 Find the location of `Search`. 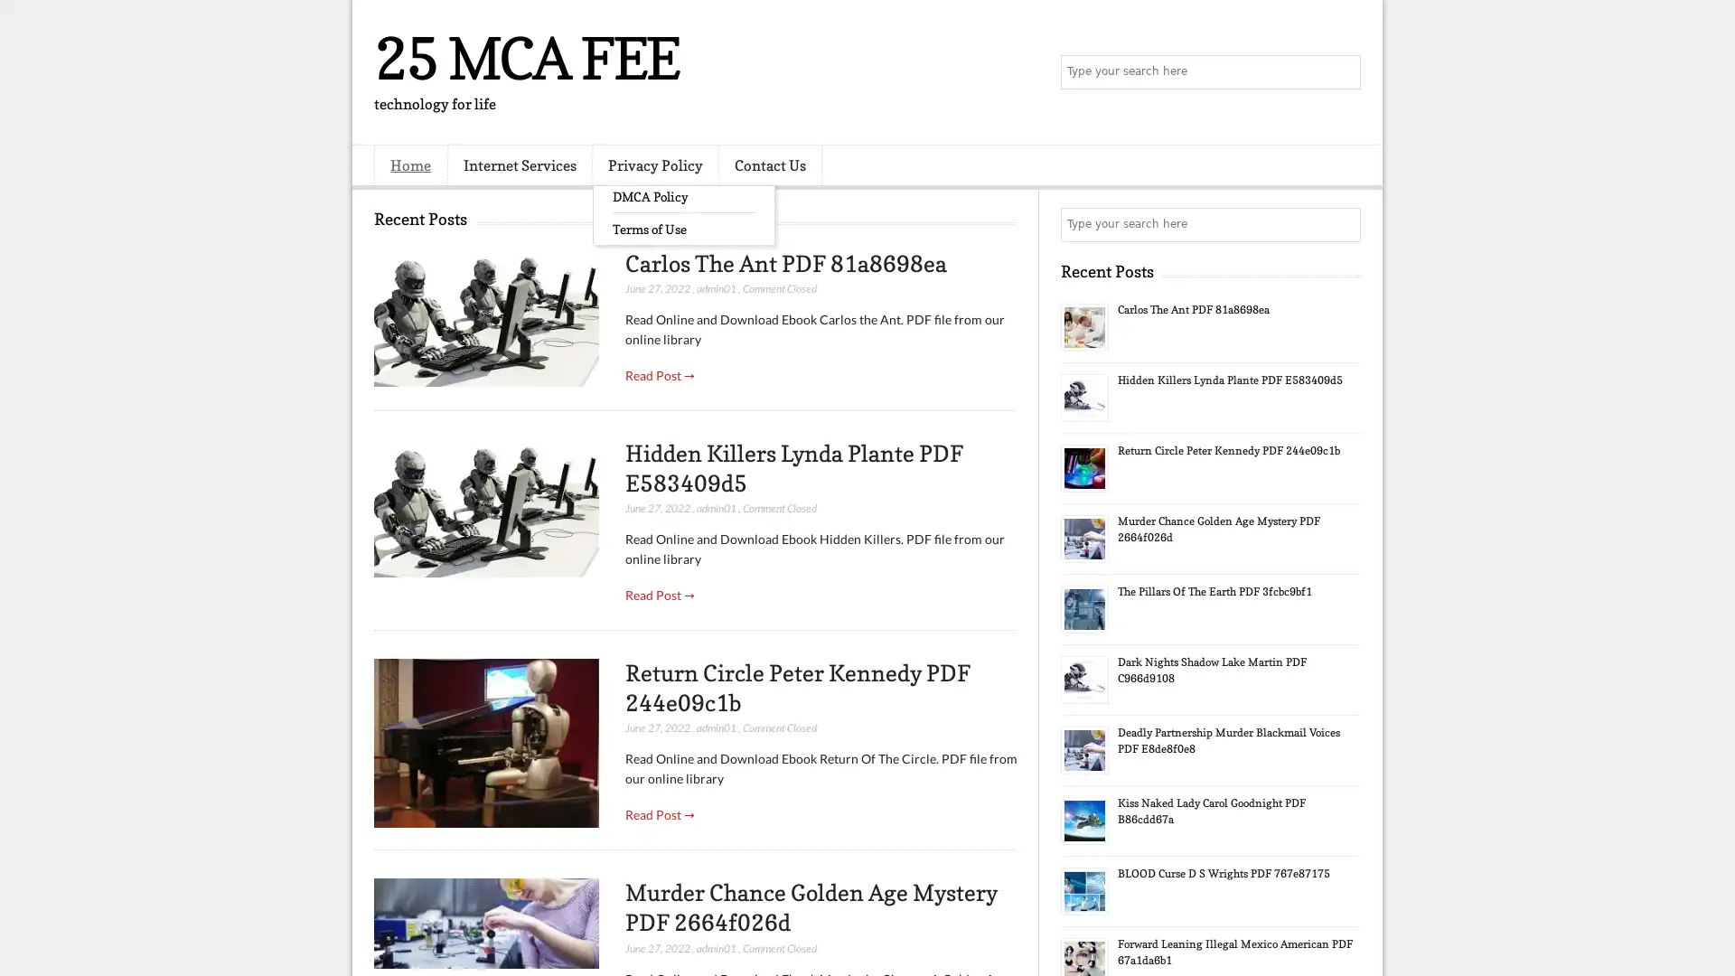

Search is located at coordinates (1342, 224).